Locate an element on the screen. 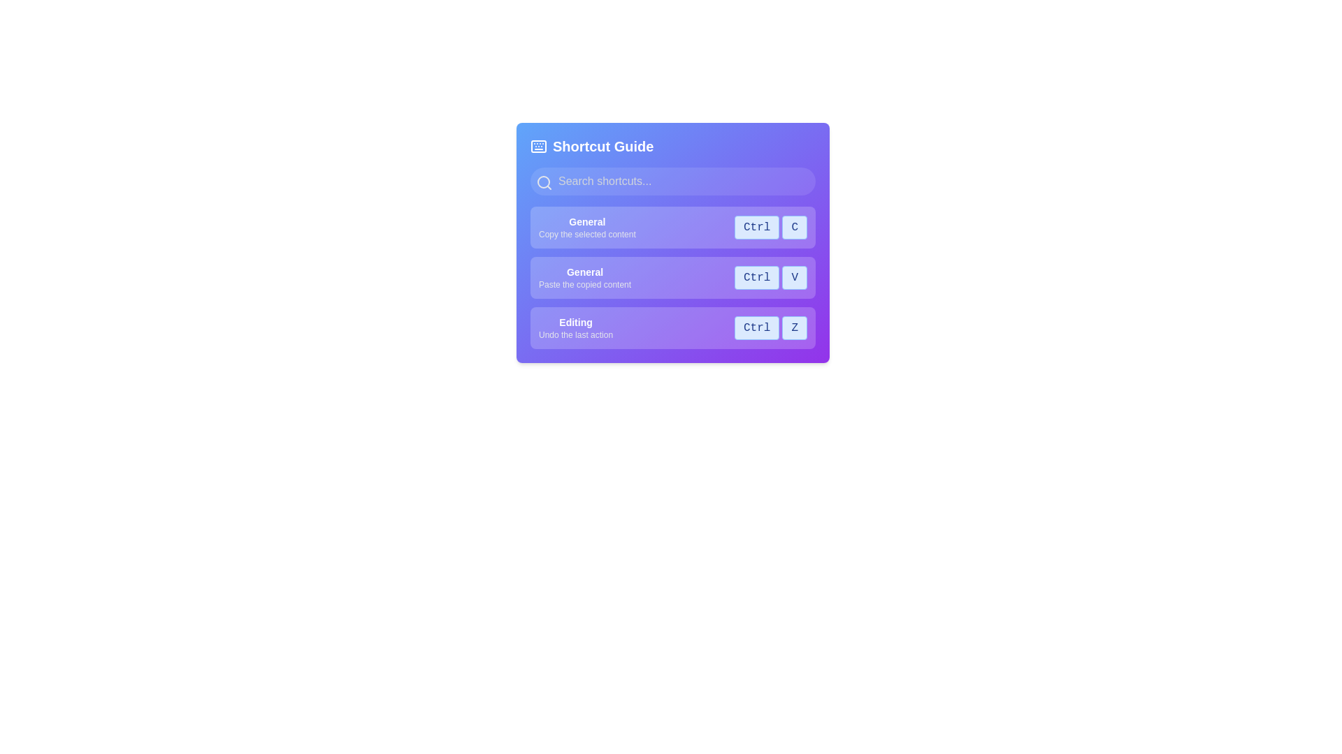 This screenshot has width=1342, height=754. the label displaying the keyboard shortcut for 'Copy' (Ctrl + C) located on the right side of the row for 'Copy the selected content' under the 'General' category in the shortcut guide interface is located at coordinates (770, 227).